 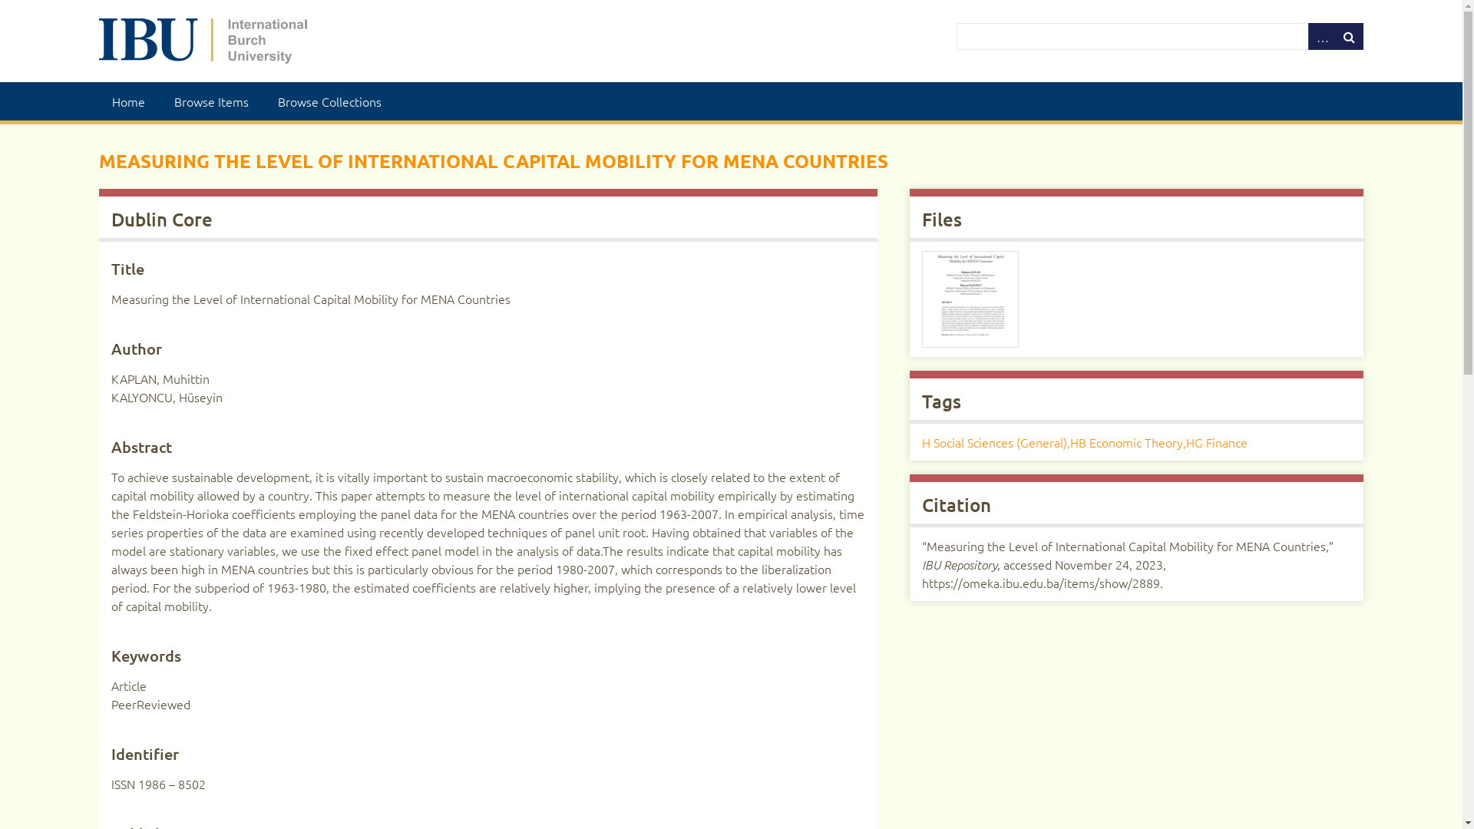 I want to click on 'Browse Items', so click(x=210, y=101).